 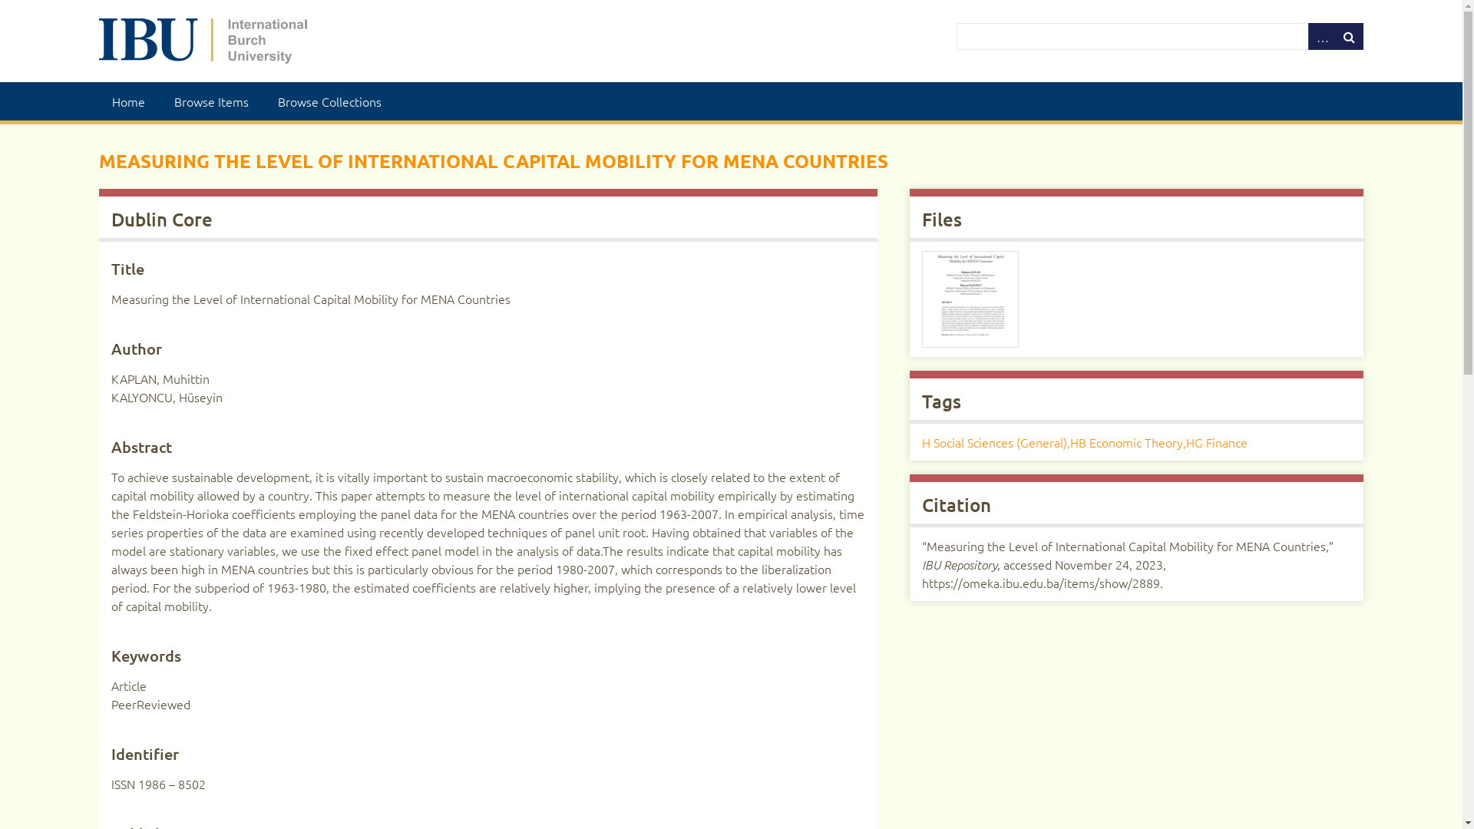 I want to click on 'Browse Items', so click(x=210, y=101).